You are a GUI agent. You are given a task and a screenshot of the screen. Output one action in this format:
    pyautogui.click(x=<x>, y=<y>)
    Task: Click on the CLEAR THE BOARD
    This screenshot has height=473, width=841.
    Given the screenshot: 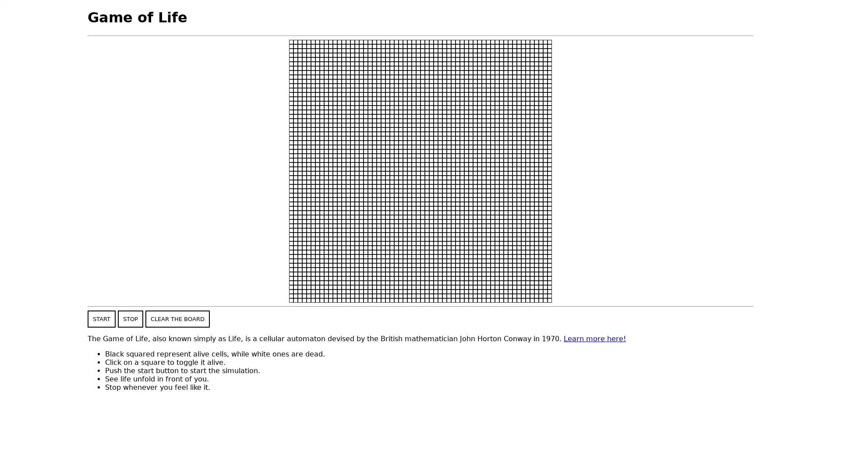 What is the action you would take?
    pyautogui.click(x=177, y=318)
    